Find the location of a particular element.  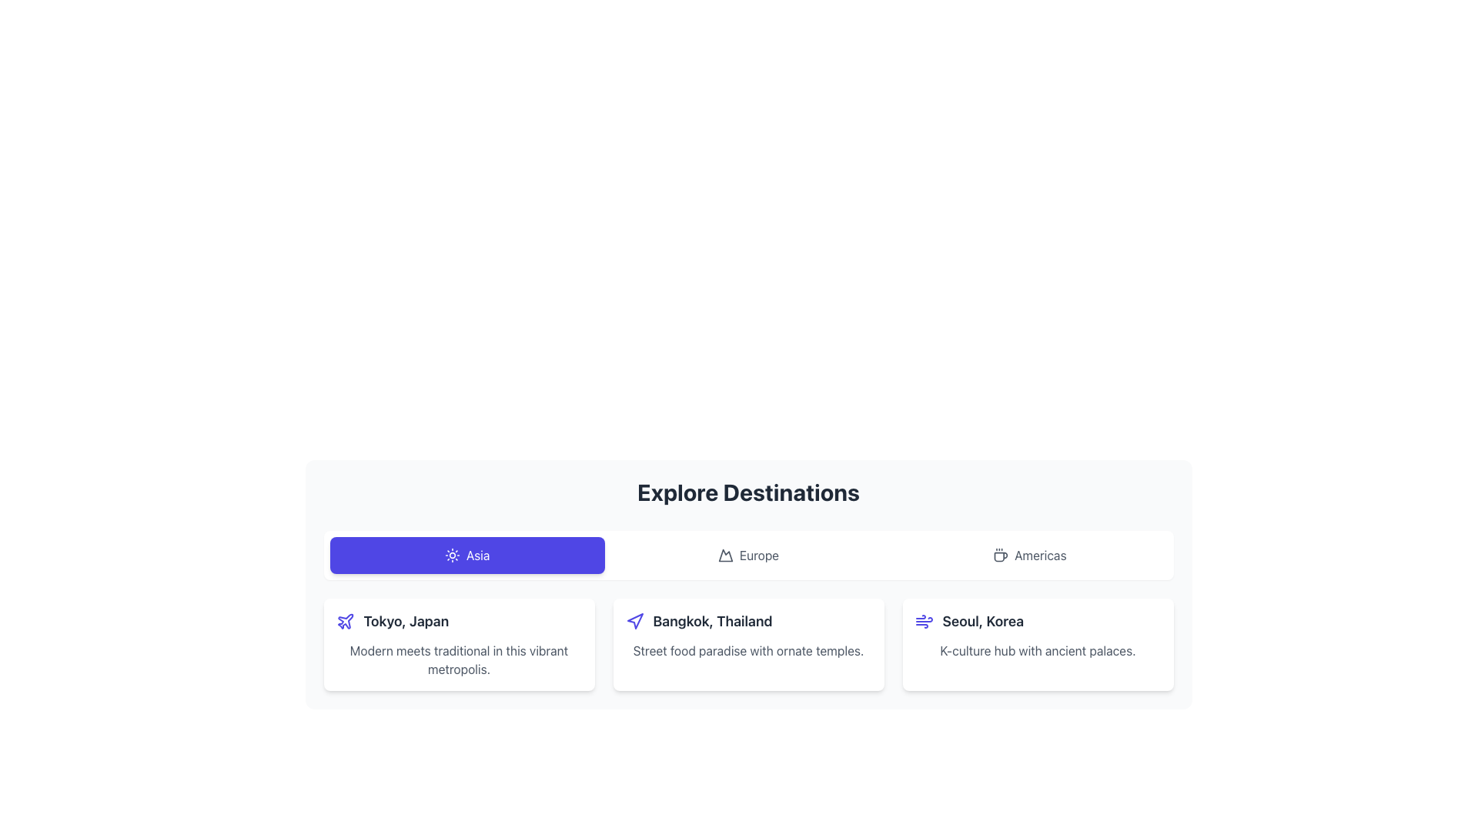

the 'Europe' button in the row of buttons labeled 'Asia', 'Europe', and 'Americas' is located at coordinates (748, 555).